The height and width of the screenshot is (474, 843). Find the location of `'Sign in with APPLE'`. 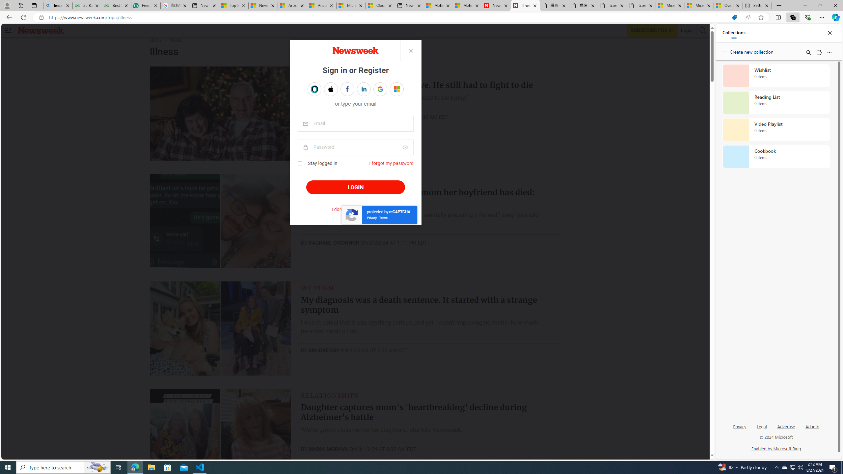

'Sign in with APPLE' is located at coordinates (330, 89).